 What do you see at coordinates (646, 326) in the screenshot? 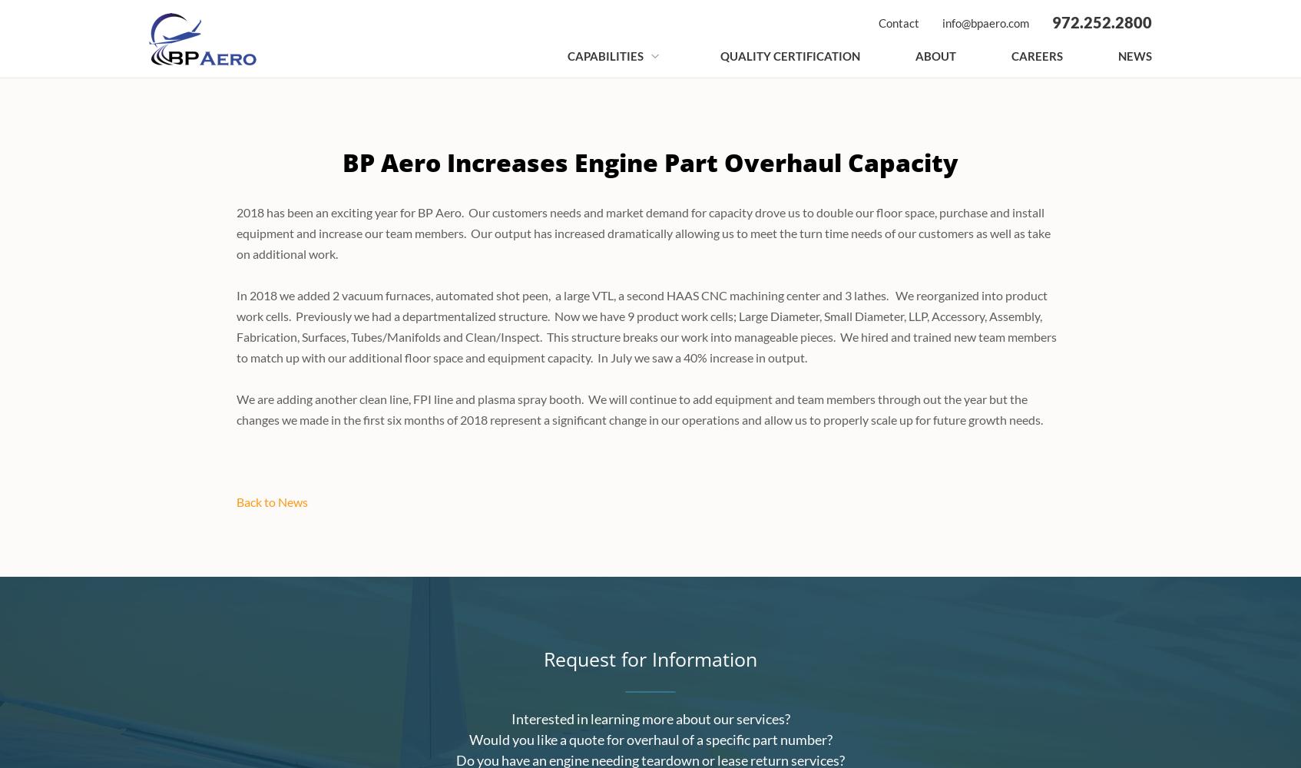
I see `'In 2018 we added 2 vacuum furnaces, automated shot peen,  a large VTL, a second HAAS CNC machining center and 3 lathes.   We reorganized into product work cells.  Previously we had a departmentalized structure.  Now we have 9 product work cells; Large Diameter, Small Diameter, LLP, Accessory, Assembly, Fabrication, Surfaces, Tubes/Manifolds and Clean/Inspect.  This structure breaks our work into manageable pieces.  We hired and trained new team members to match up with our additional floor space and equipment capacity.  In July we saw a 40% increase in output.'` at bounding box center [646, 326].